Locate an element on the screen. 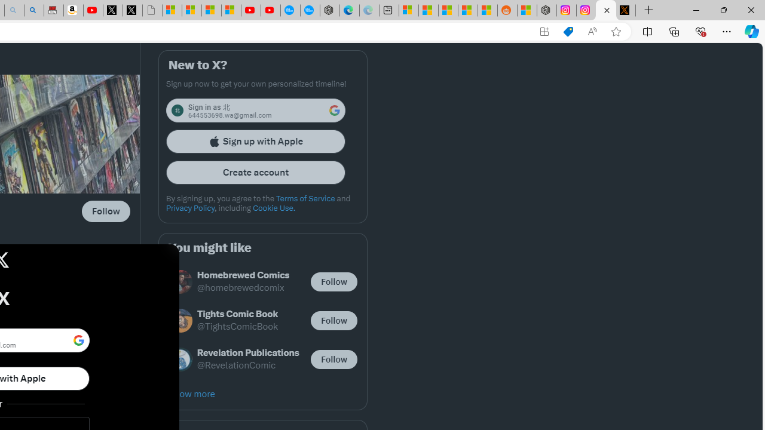 This screenshot has width=765, height=430. 'YouTube Kids - An App Created for Kids to Explore Content' is located at coordinates (270, 10).